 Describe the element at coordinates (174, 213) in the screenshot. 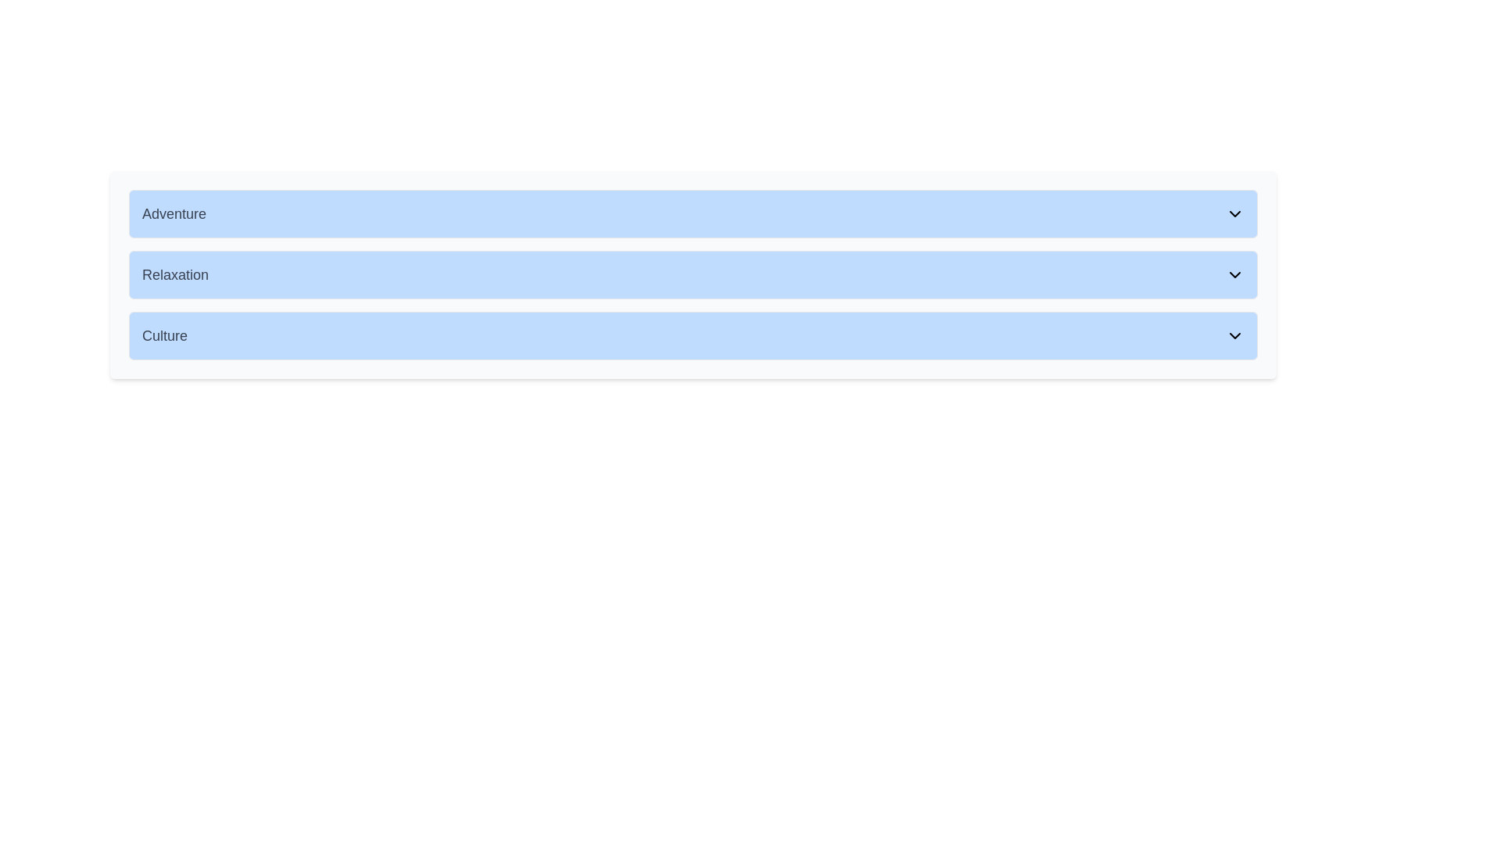

I see `the text label located in the uppermost row of a vertically stacked list, positioned to the left of a chevron icon` at that location.